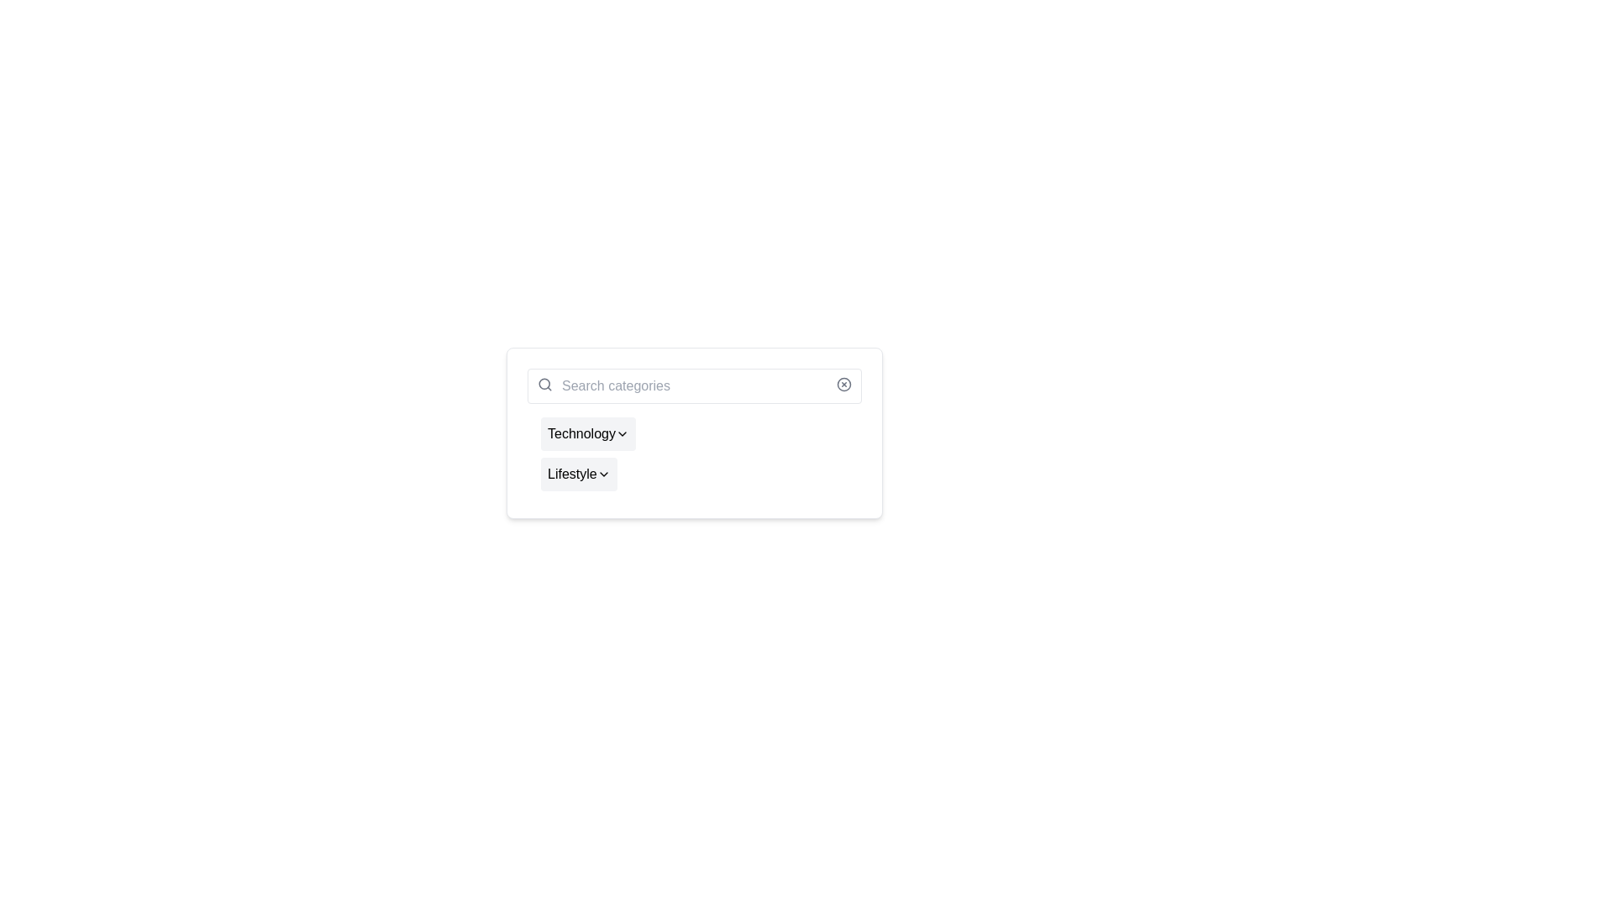  I want to click on the magnifying glass icon, so click(544, 385).